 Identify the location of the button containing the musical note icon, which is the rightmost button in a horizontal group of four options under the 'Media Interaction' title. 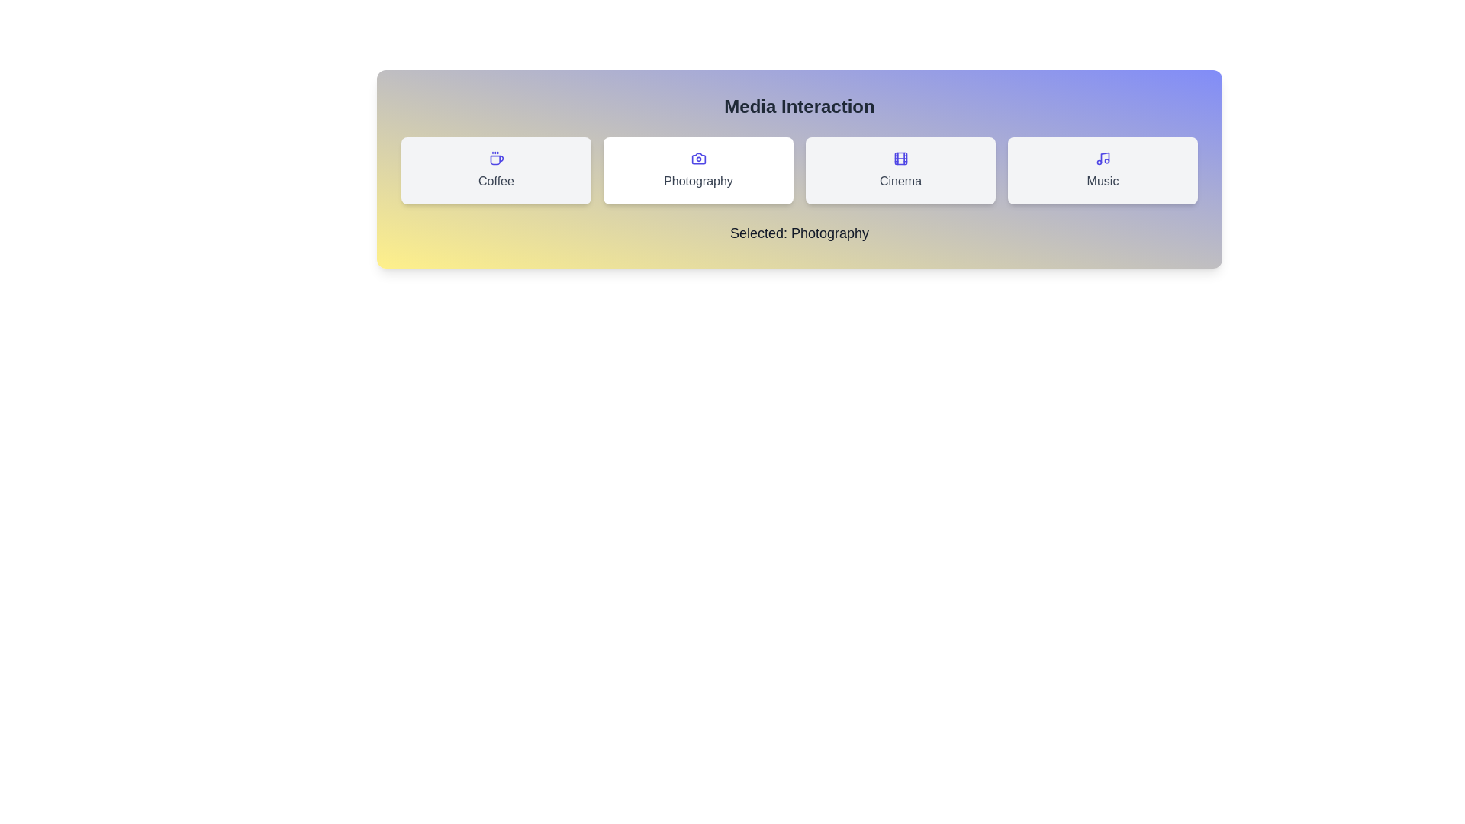
(1105, 157).